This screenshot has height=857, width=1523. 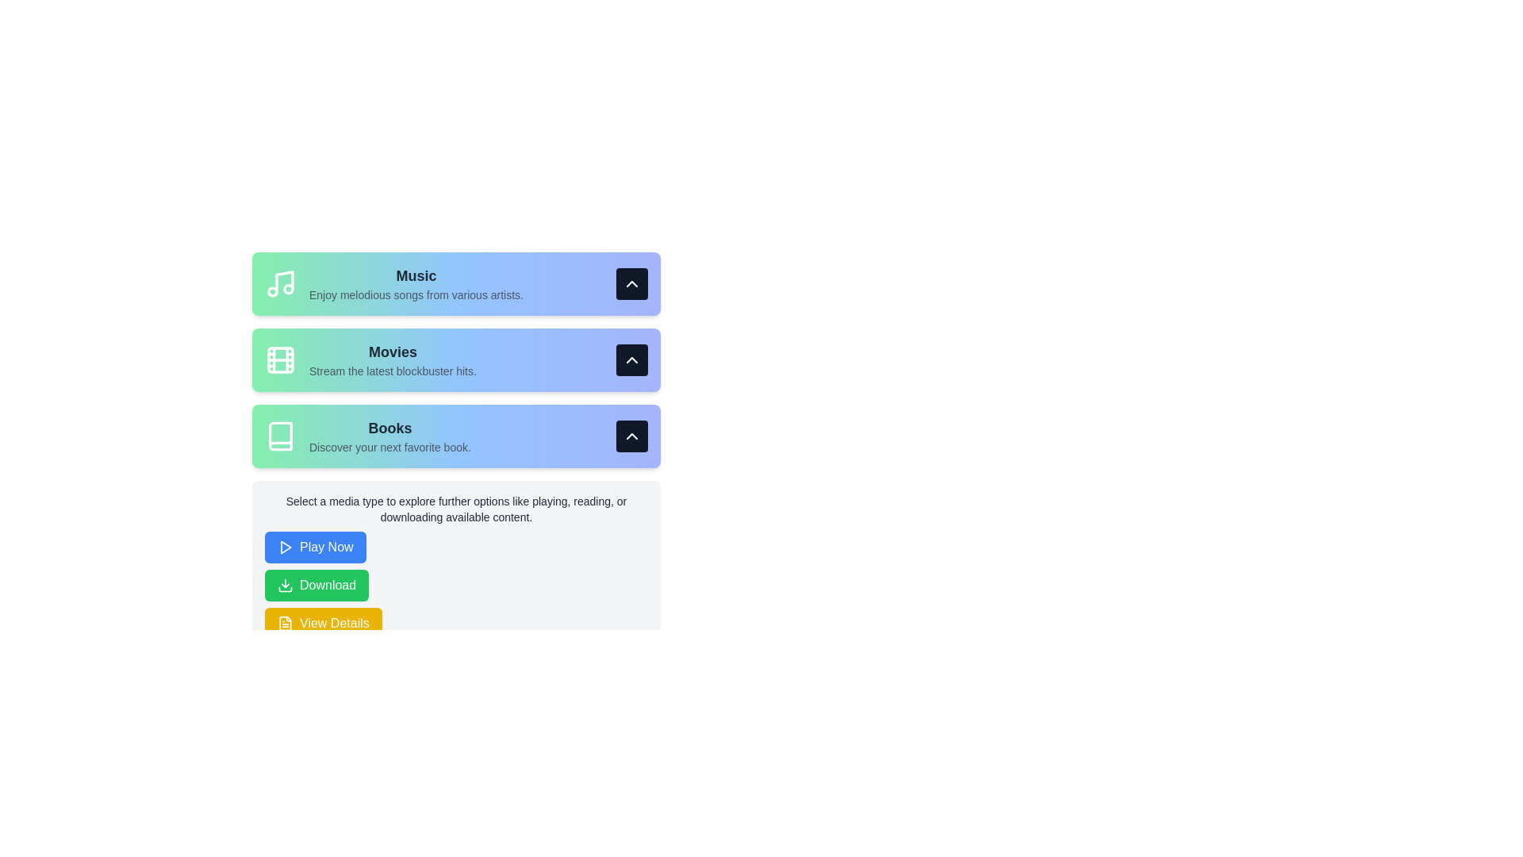 What do you see at coordinates (394, 283) in the screenshot?
I see `the 'Music' category information block, which features a music note icon and a bold title 'Music' along with a subtitle` at bounding box center [394, 283].